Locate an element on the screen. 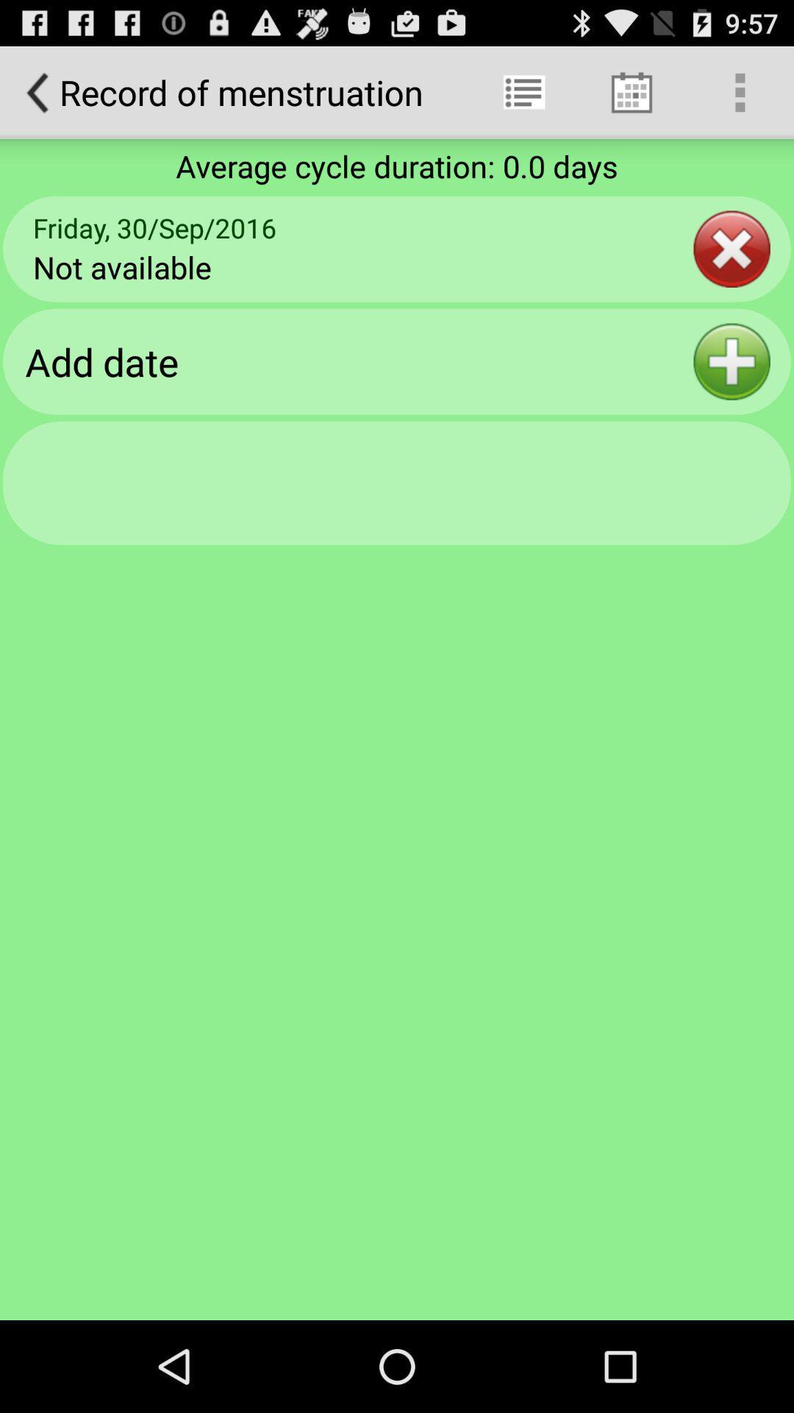  date is located at coordinates (732, 361).